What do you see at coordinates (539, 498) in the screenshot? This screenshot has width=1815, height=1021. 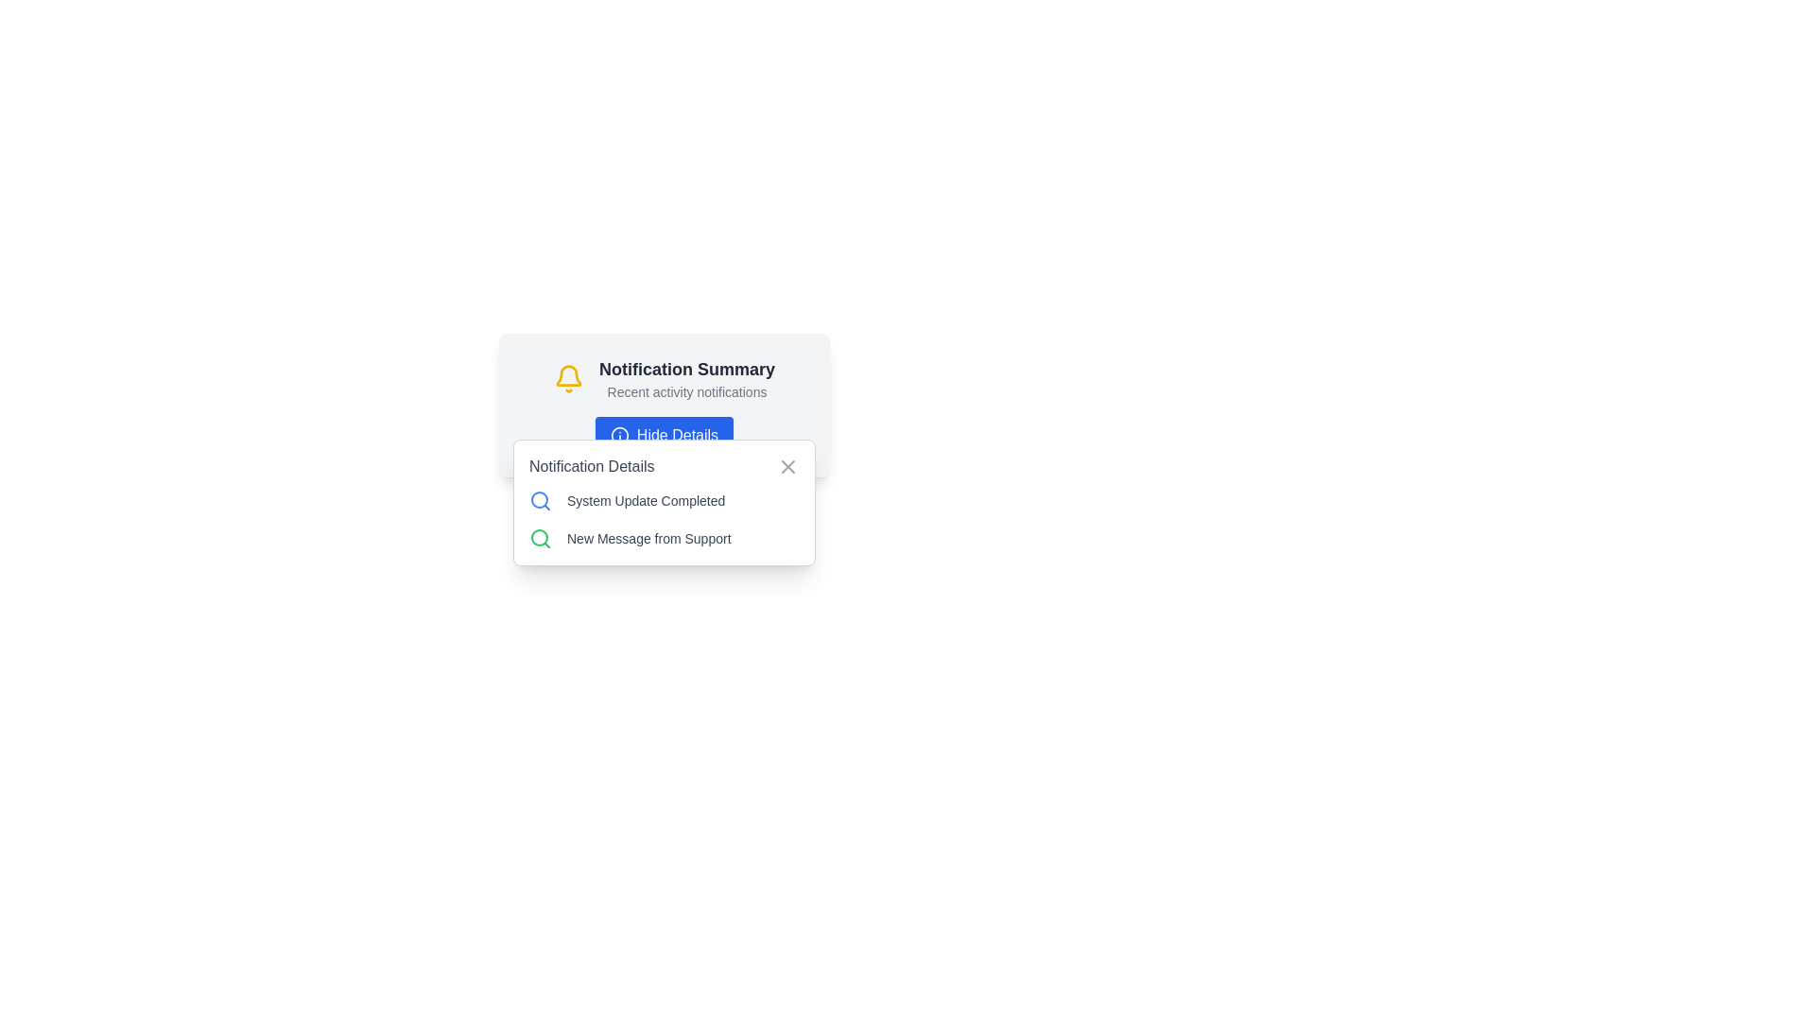 I see `the circular lens icon of the magnifying glass in the notification list` at bounding box center [539, 498].